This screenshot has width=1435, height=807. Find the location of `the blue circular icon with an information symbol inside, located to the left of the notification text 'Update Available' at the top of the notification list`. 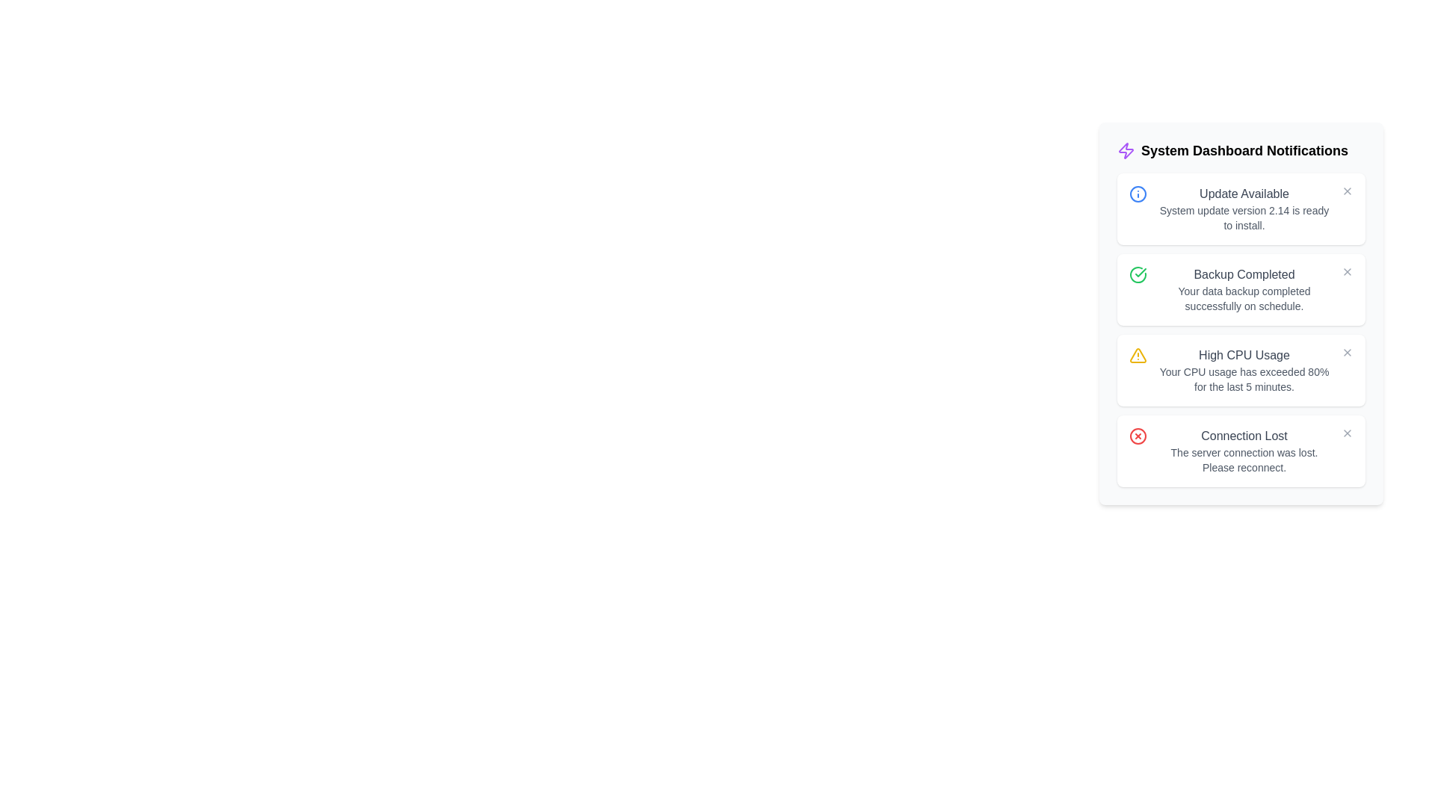

the blue circular icon with an information symbol inside, located to the left of the notification text 'Update Available' at the top of the notification list is located at coordinates (1137, 193).